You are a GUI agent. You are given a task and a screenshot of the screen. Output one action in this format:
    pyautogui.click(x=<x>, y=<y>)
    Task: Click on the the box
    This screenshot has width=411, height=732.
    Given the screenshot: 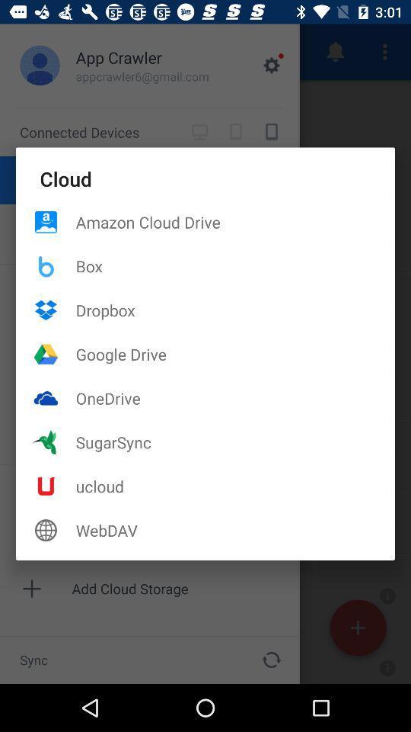 What is the action you would take?
    pyautogui.click(x=235, y=266)
    